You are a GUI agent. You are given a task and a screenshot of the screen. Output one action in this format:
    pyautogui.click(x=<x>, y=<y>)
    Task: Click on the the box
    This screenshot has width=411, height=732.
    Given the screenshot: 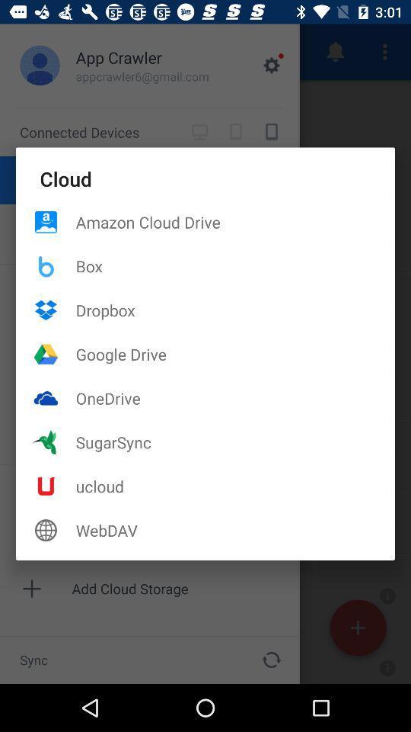 What is the action you would take?
    pyautogui.click(x=235, y=266)
    